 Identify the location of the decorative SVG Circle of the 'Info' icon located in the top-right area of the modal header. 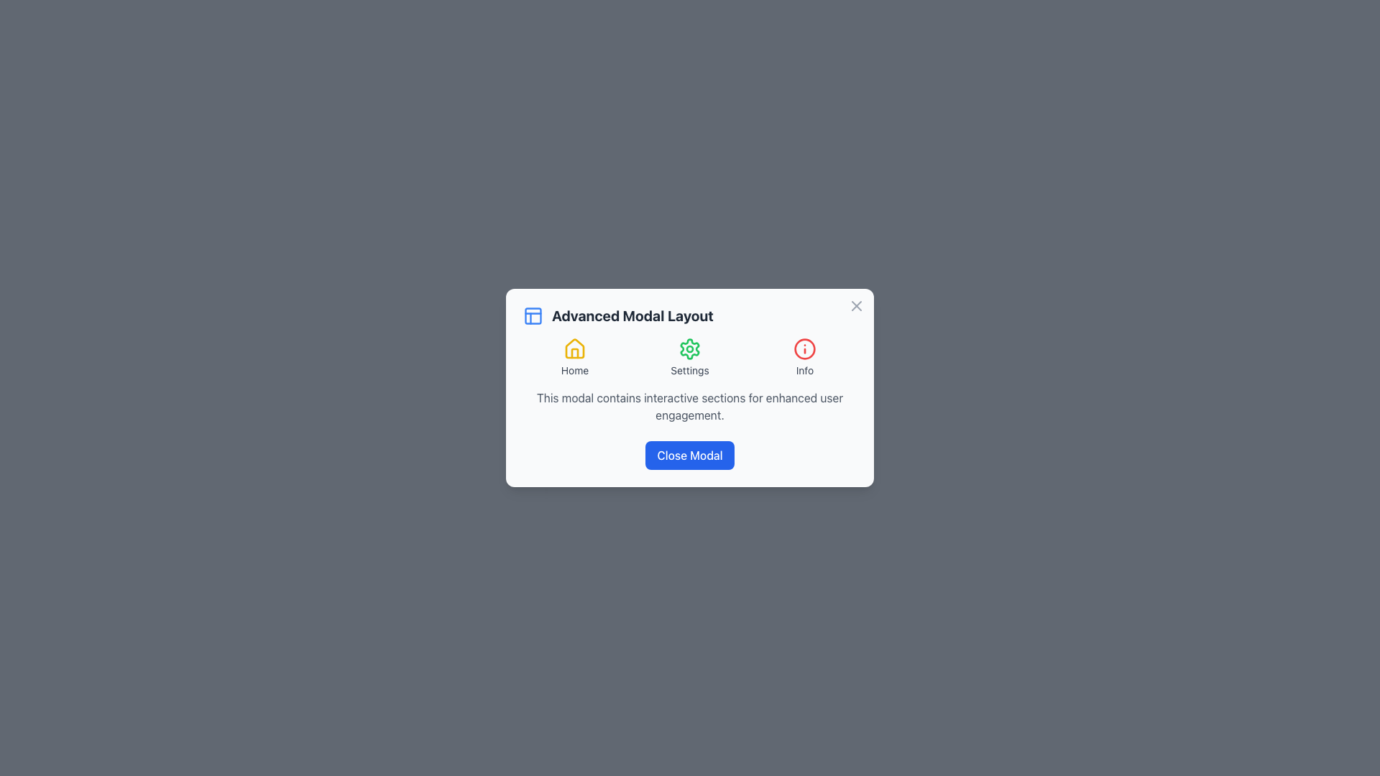
(804, 349).